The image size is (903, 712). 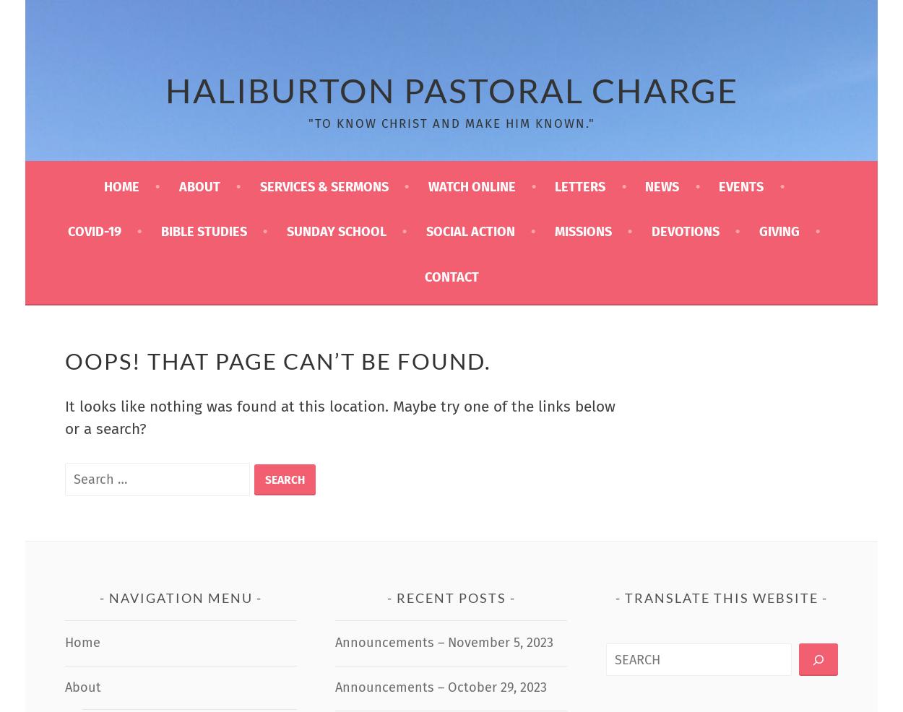 I want to click on 'Announcements – November 5, 2023', so click(x=444, y=641).